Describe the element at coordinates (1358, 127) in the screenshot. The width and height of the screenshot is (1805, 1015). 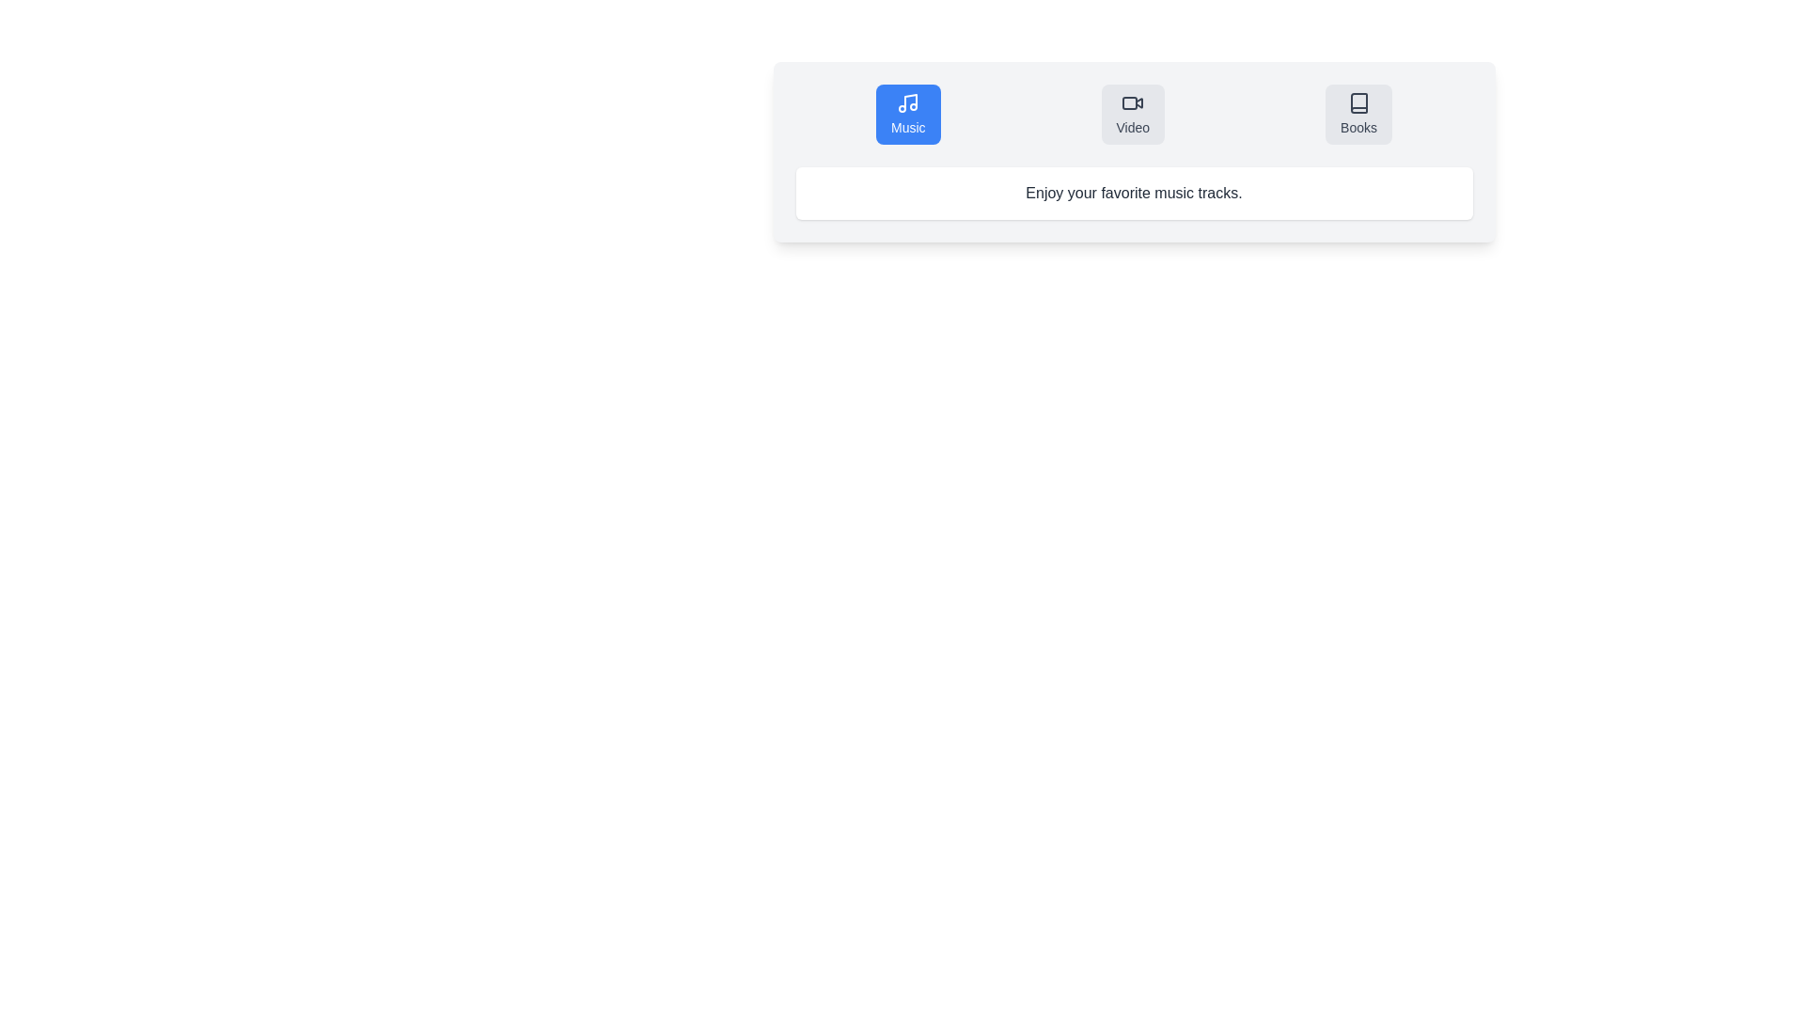
I see `the text label 'Books' located at the bottom of a rounded rectangular button with a light gray background, positioned in the top-right corner of a set of category buttons` at that location.